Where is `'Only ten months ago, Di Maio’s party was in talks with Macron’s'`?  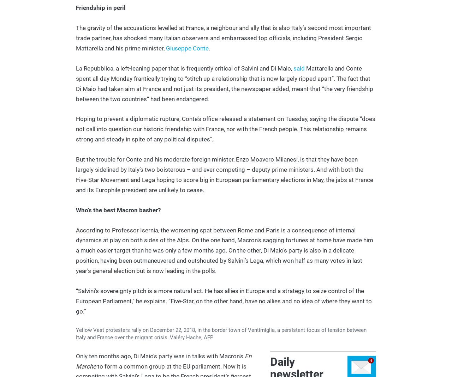 'Only ten months ago, Di Maio’s party was in talks with Macron’s' is located at coordinates (76, 356).